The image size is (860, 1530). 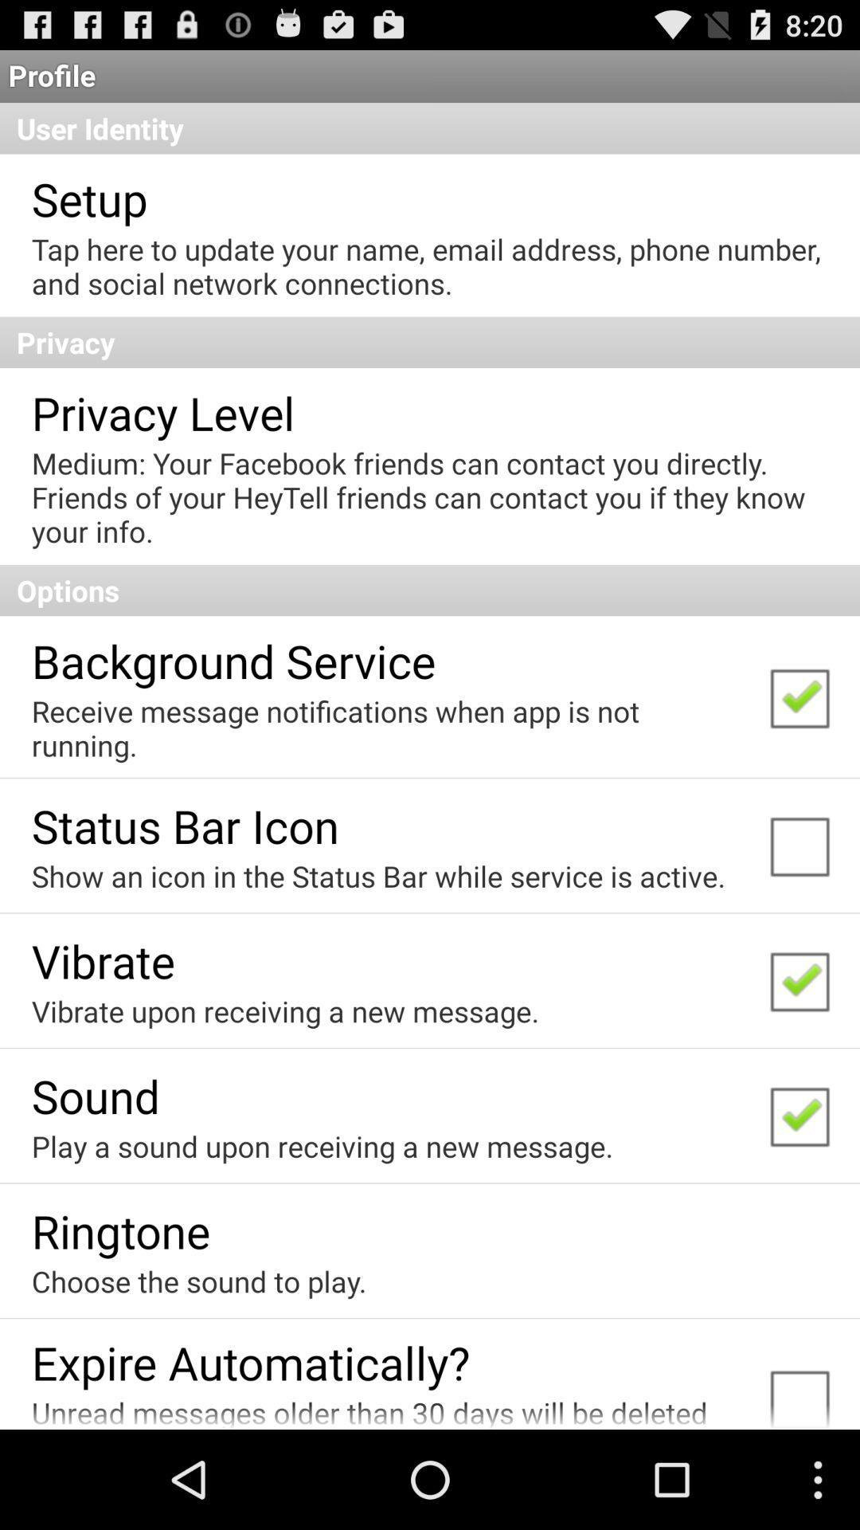 I want to click on receive message notifications, so click(x=389, y=727).